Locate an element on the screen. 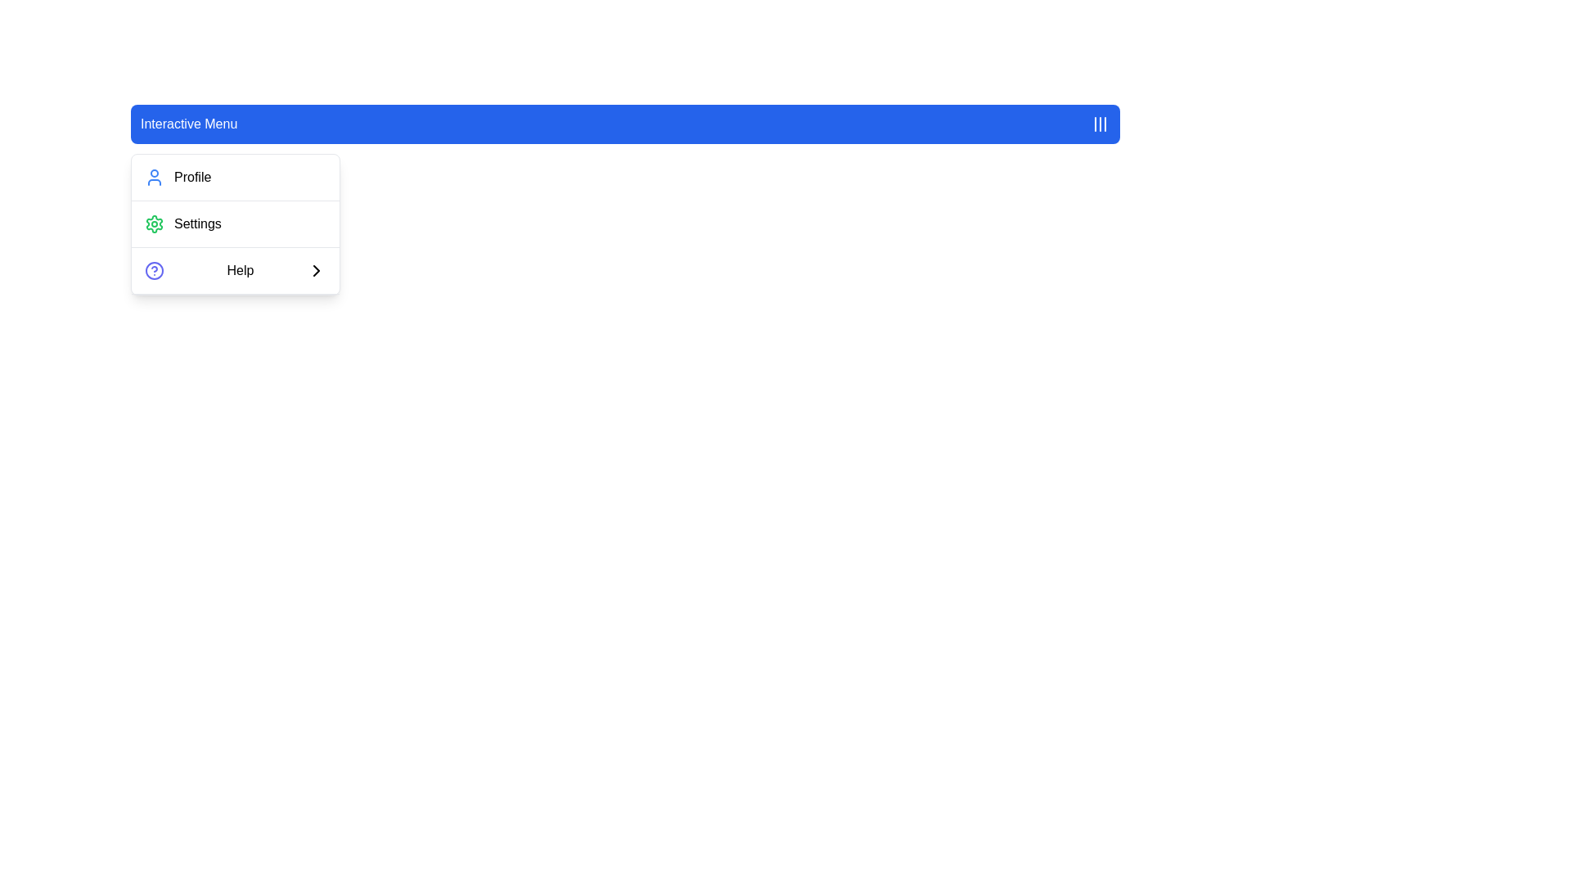 The image size is (1571, 884). the 'Settings' menu item located in the dropdown menu directly below 'Profile' and above 'Help' is located at coordinates (235, 224).